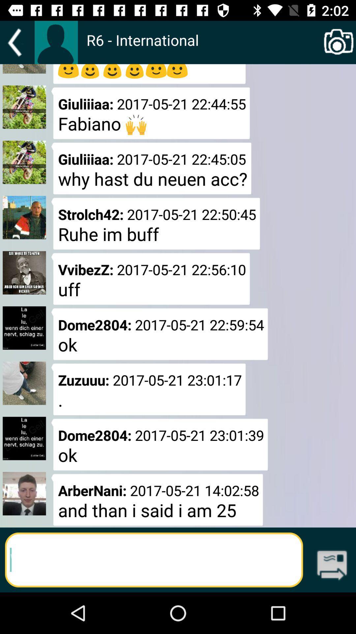 The width and height of the screenshot is (356, 634). What do you see at coordinates (17, 42) in the screenshot?
I see `goes back` at bounding box center [17, 42].